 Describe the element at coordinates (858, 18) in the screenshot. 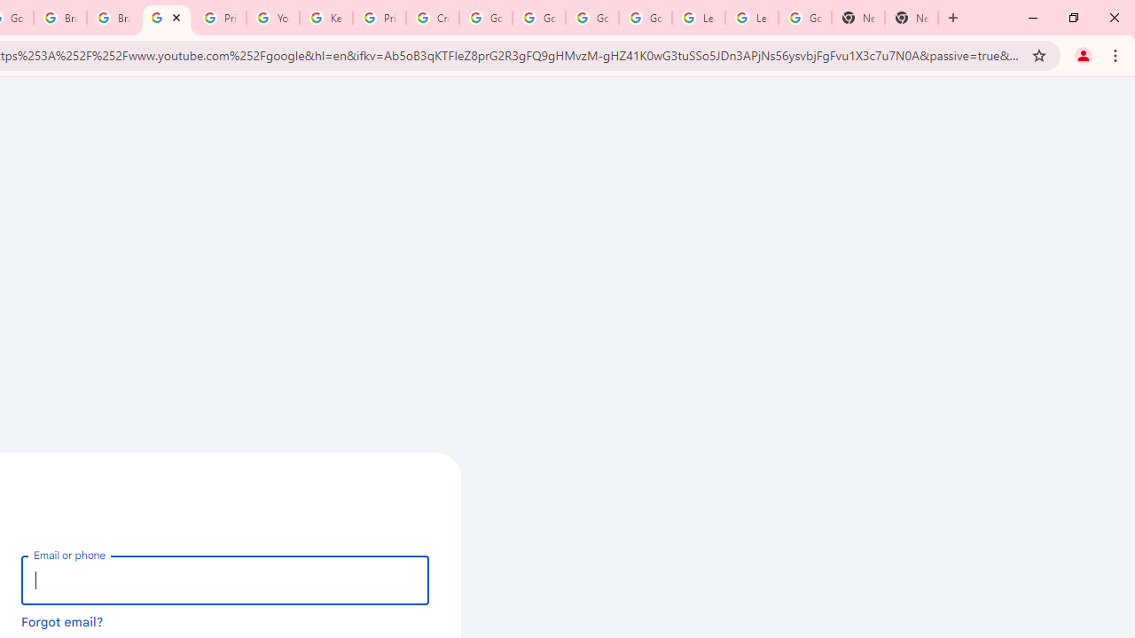

I see `'New Tab'` at that location.